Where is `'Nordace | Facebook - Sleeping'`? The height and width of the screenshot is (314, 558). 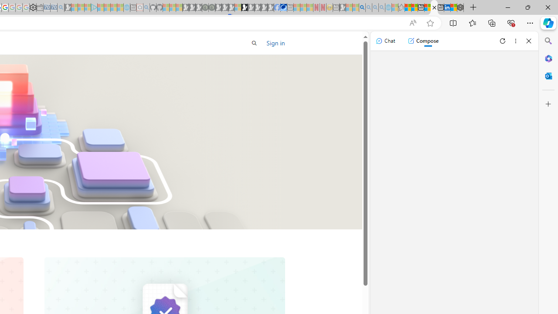
'Nordace | Facebook - Sleeping' is located at coordinates (276, 7).